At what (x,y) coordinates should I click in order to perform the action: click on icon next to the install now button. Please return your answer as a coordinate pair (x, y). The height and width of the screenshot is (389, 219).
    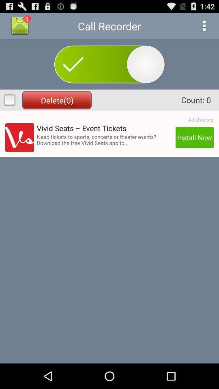
    Looking at the image, I should click on (105, 140).